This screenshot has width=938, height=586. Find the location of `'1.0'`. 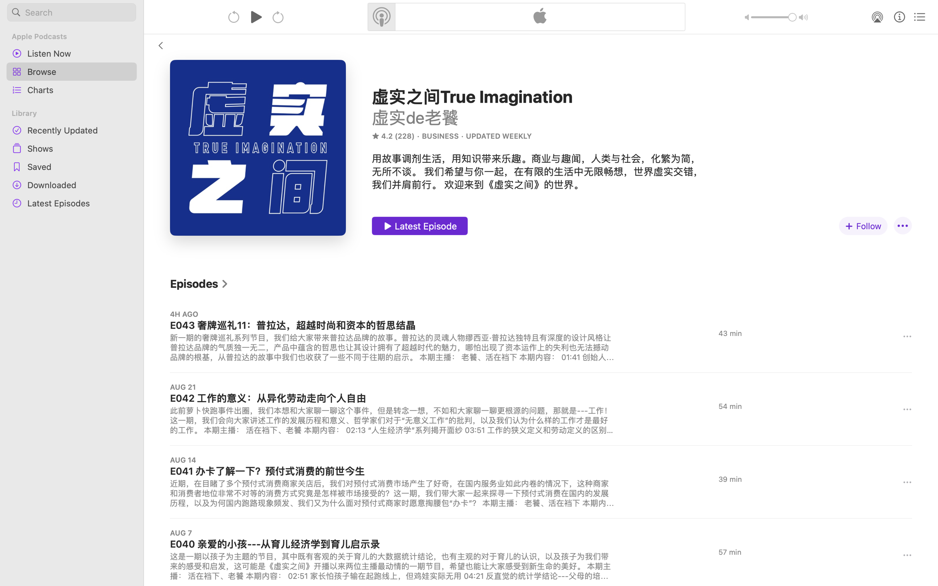

'1.0' is located at coordinates (774, 17).